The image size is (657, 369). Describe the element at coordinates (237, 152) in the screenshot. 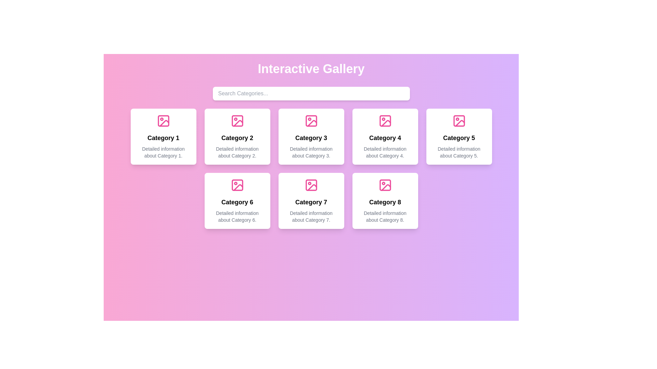

I see `static text element that provides additional information about 'Category 2', located below the title and above the bottom edge of the card in the second column of the first row` at that location.